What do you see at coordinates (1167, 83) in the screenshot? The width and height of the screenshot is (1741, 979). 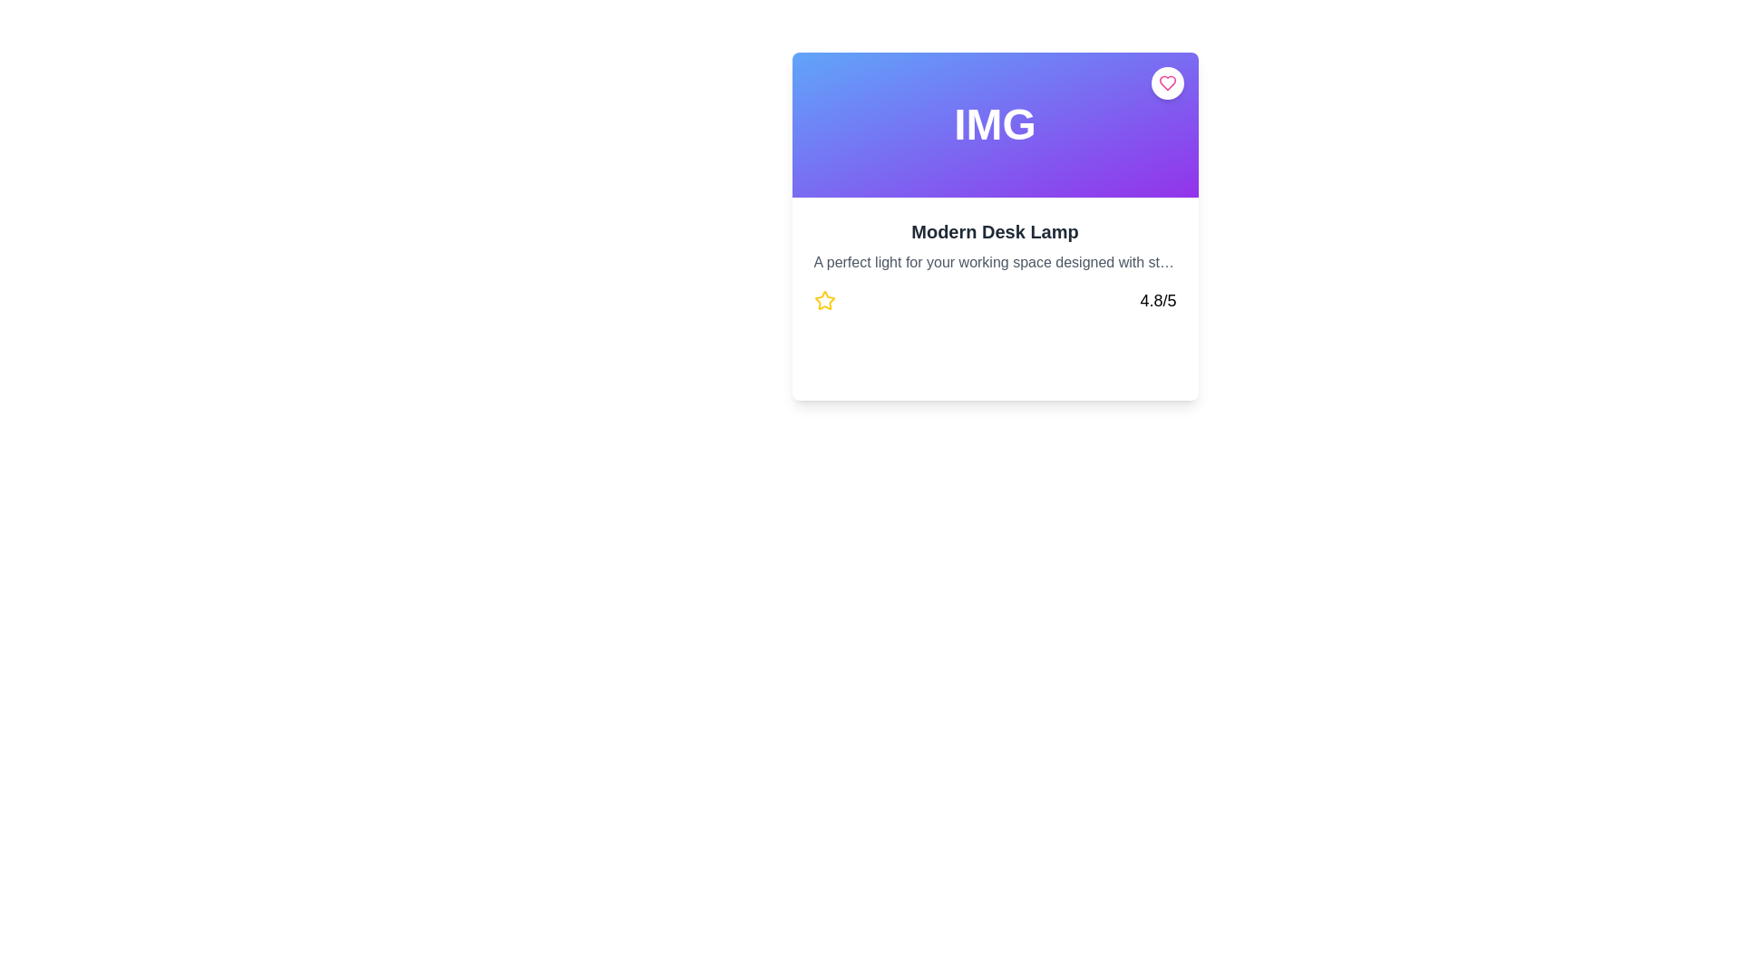 I see `the heart-shaped SVG icon located at the top-right corner of the card layout` at bounding box center [1167, 83].